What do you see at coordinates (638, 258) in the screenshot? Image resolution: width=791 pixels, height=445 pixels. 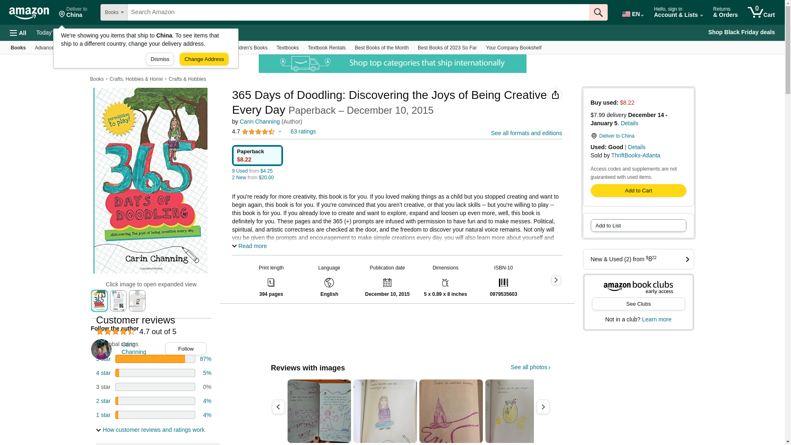 I see `'New & Used (2) from` at bounding box center [638, 258].